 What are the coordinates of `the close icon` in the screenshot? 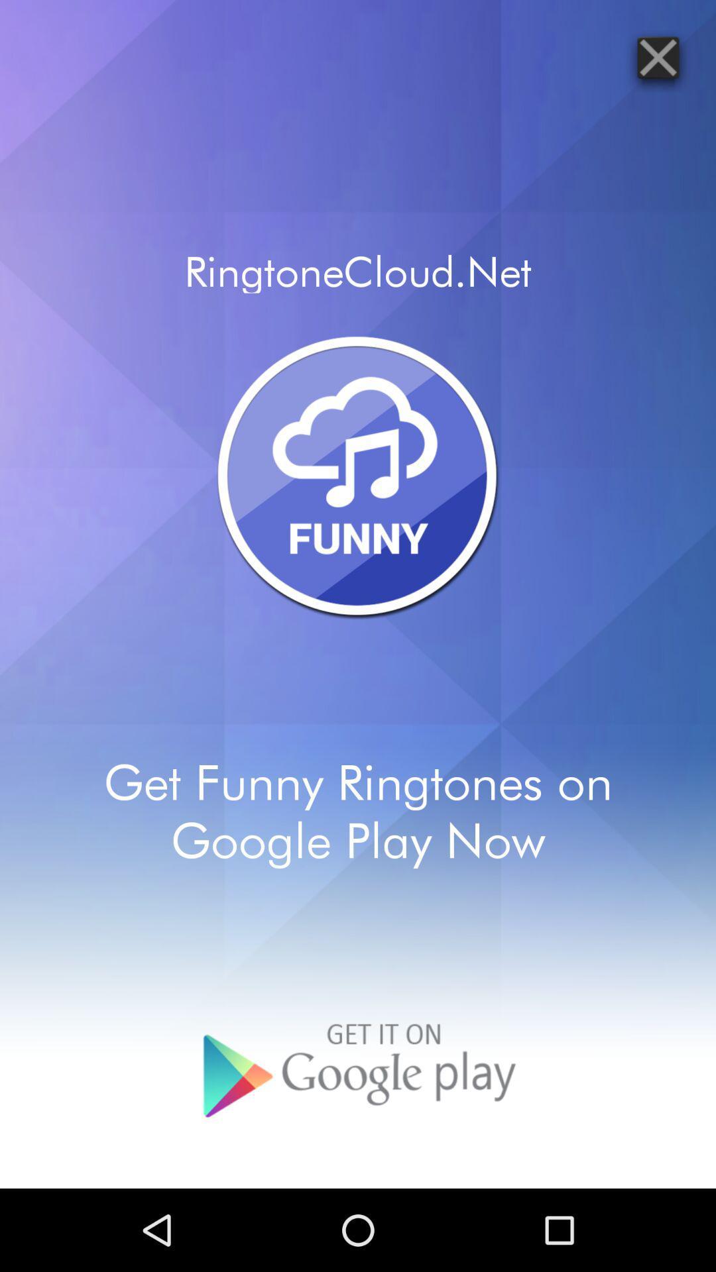 It's located at (658, 61).